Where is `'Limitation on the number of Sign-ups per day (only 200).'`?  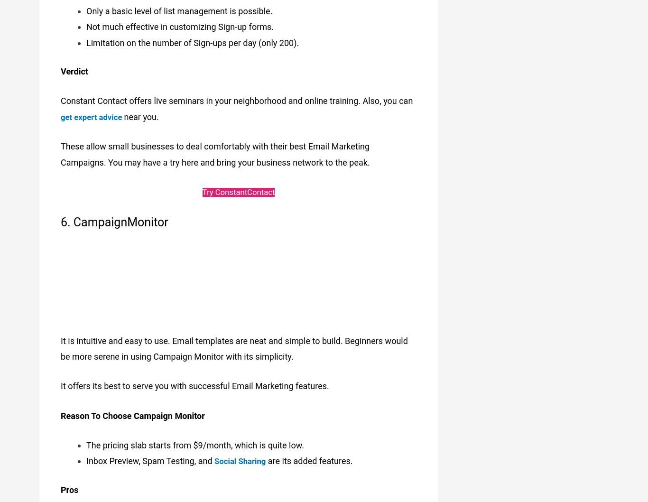 'Limitation on the number of Sign-ups per day (only 200).' is located at coordinates (192, 37).